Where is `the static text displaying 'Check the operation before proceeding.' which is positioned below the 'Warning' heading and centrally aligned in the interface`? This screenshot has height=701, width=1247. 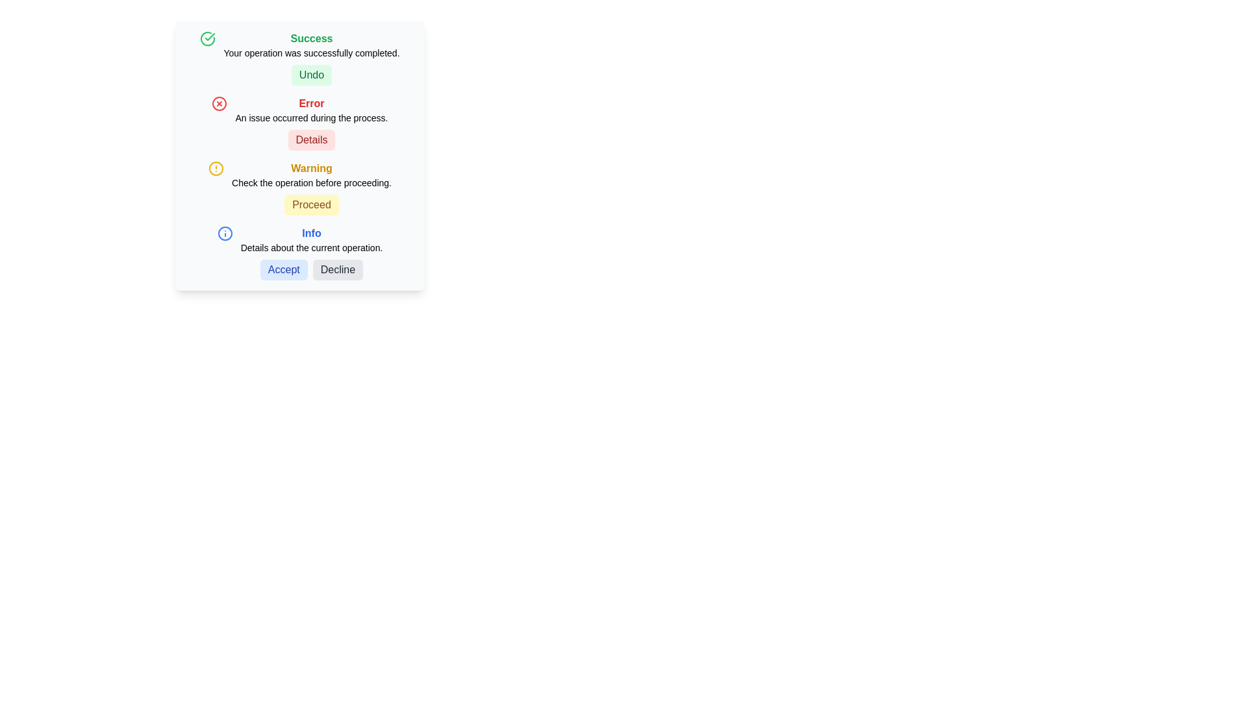
the static text displaying 'Check the operation before proceeding.' which is positioned below the 'Warning' heading and centrally aligned in the interface is located at coordinates (312, 182).